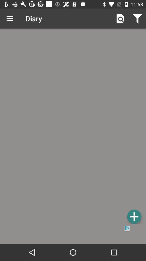 The height and width of the screenshot is (261, 146). I want to click on open new diary entry, so click(134, 216).